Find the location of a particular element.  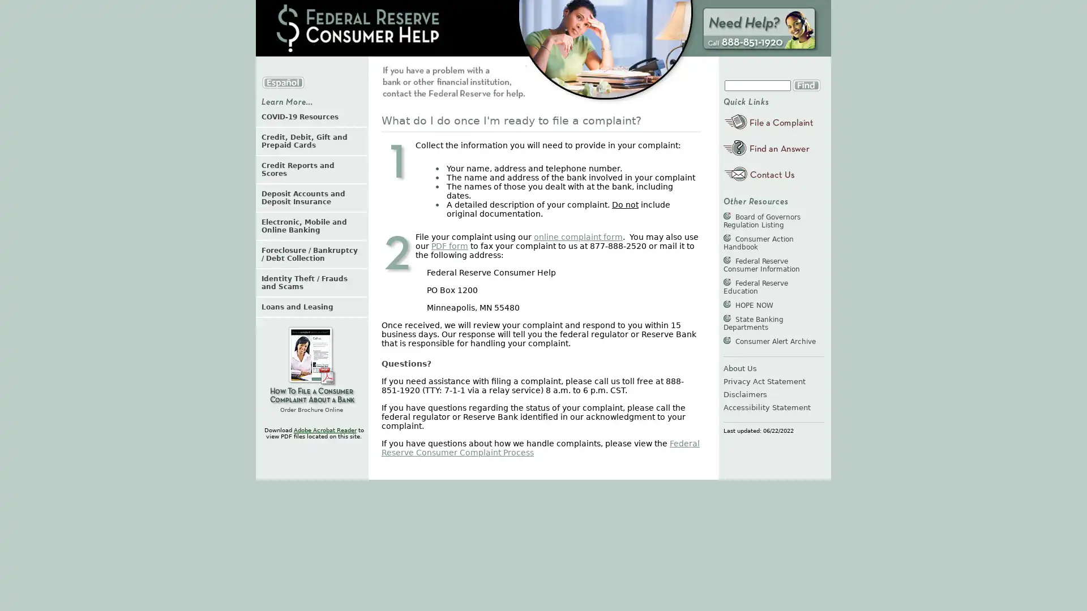

Find is located at coordinates (806, 84).